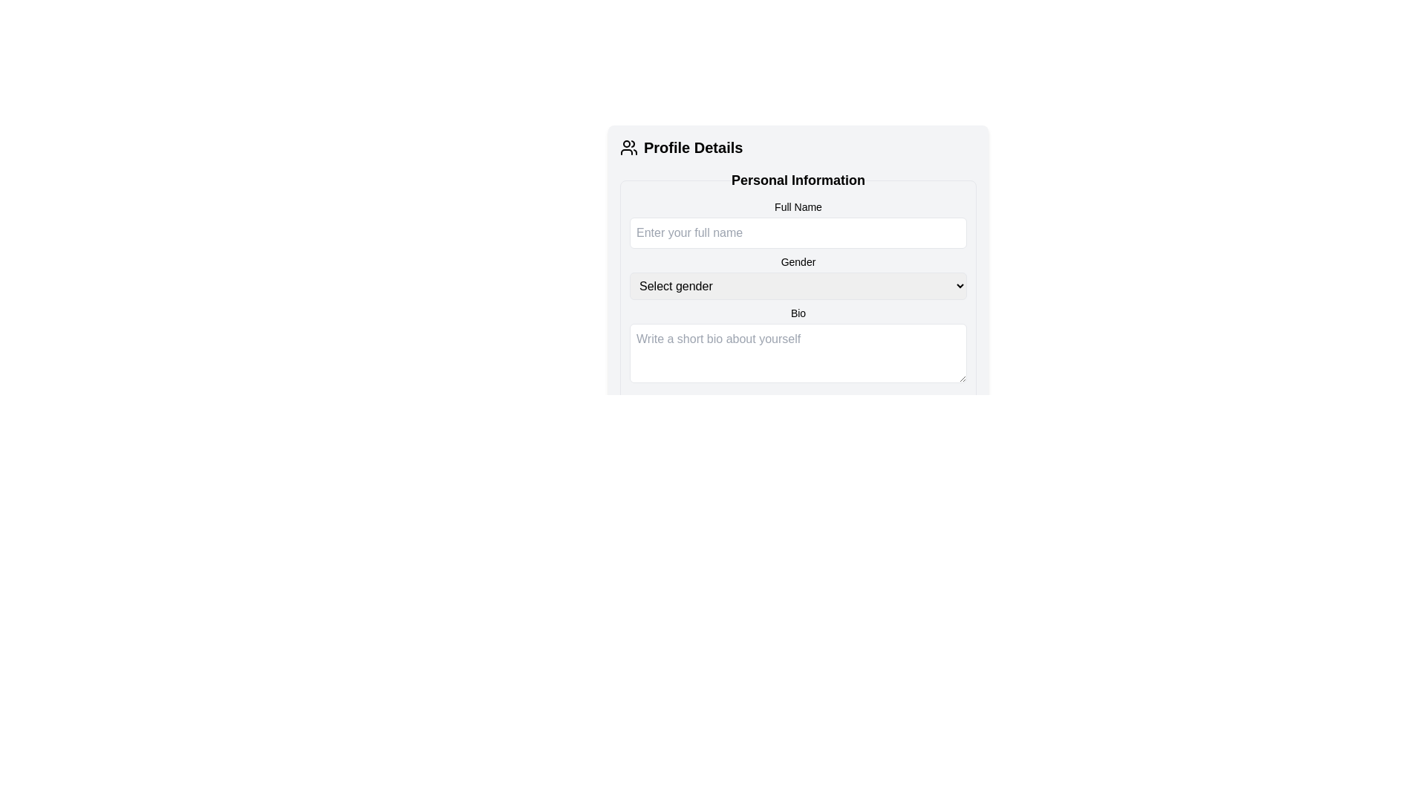 The height and width of the screenshot is (802, 1426). Describe the element at coordinates (798, 286) in the screenshot. I see `the dropdown menu labeled 'Select gender' with a gray border` at that location.